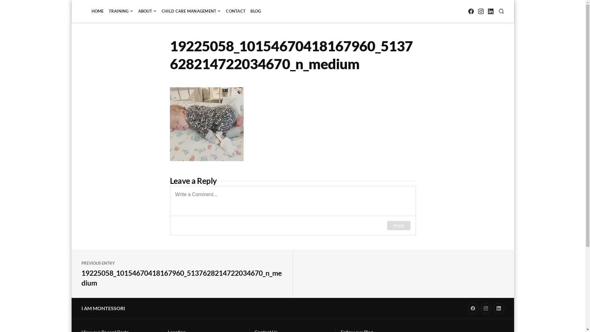 The image size is (590, 332). Describe the element at coordinates (103, 308) in the screenshot. I see `'I AM MONTESSORI'` at that location.